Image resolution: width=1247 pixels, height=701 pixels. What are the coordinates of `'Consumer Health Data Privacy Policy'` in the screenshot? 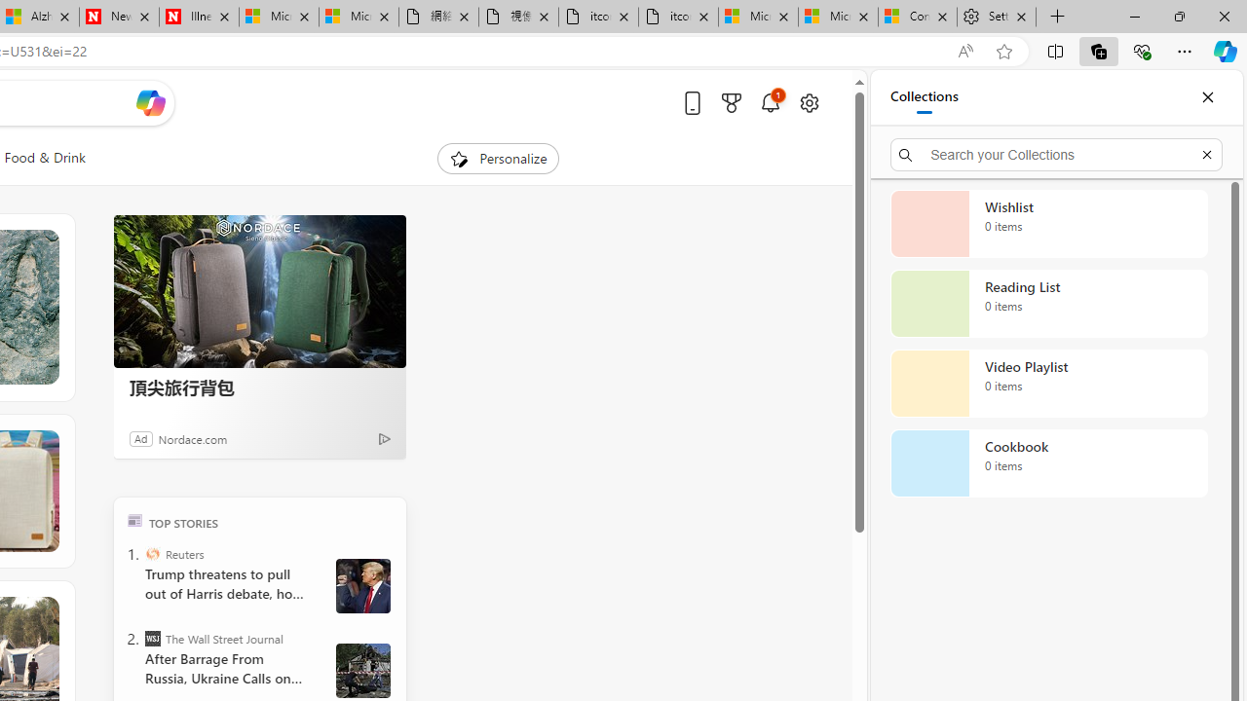 It's located at (917, 17).